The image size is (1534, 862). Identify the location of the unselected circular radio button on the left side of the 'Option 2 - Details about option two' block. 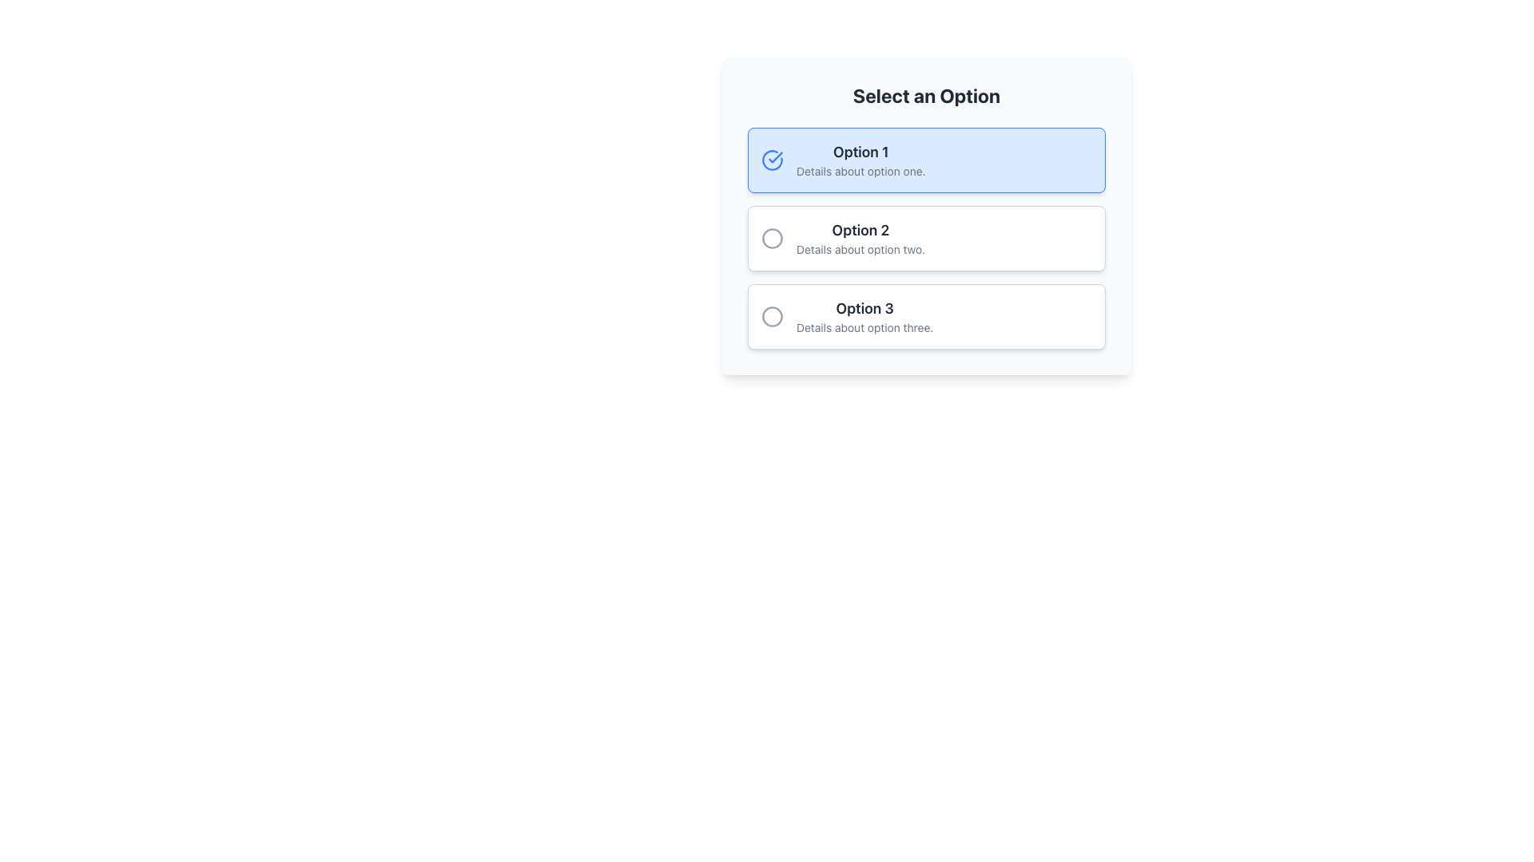
(772, 239).